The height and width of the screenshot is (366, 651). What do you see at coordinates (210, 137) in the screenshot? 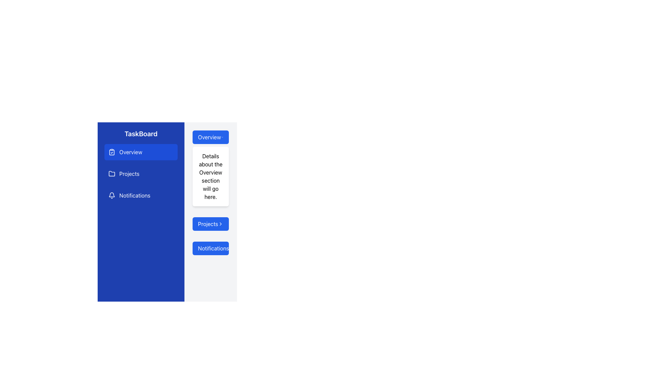
I see `the interactive button located in the top-right section of the interface` at bounding box center [210, 137].